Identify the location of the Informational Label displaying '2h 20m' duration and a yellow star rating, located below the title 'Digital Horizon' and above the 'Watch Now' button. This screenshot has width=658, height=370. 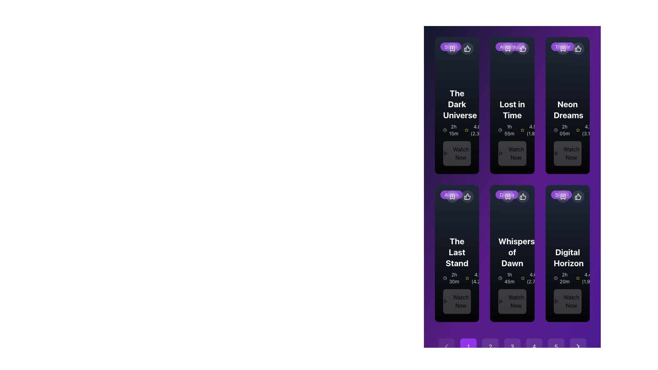
(568, 278).